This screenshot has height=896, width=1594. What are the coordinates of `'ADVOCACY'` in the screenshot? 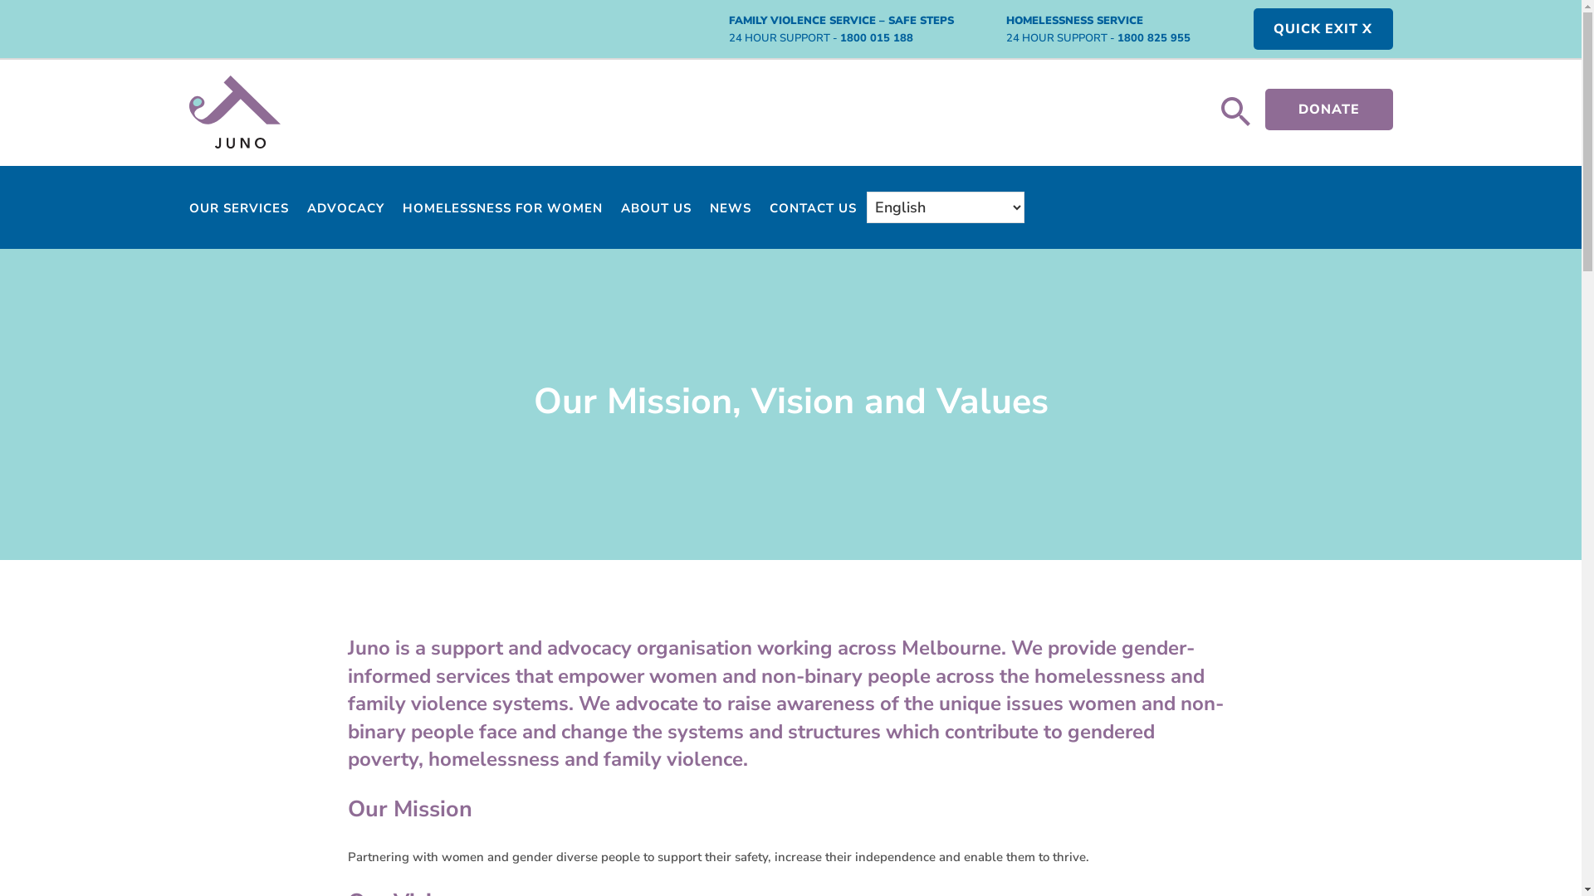 It's located at (345, 209).